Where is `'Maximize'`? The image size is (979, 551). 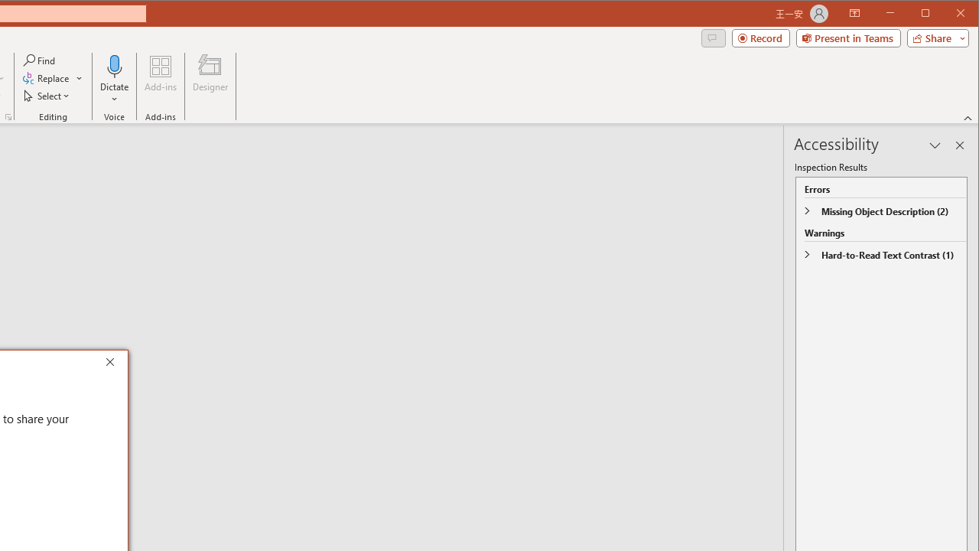 'Maximize' is located at coordinates (947, 15).